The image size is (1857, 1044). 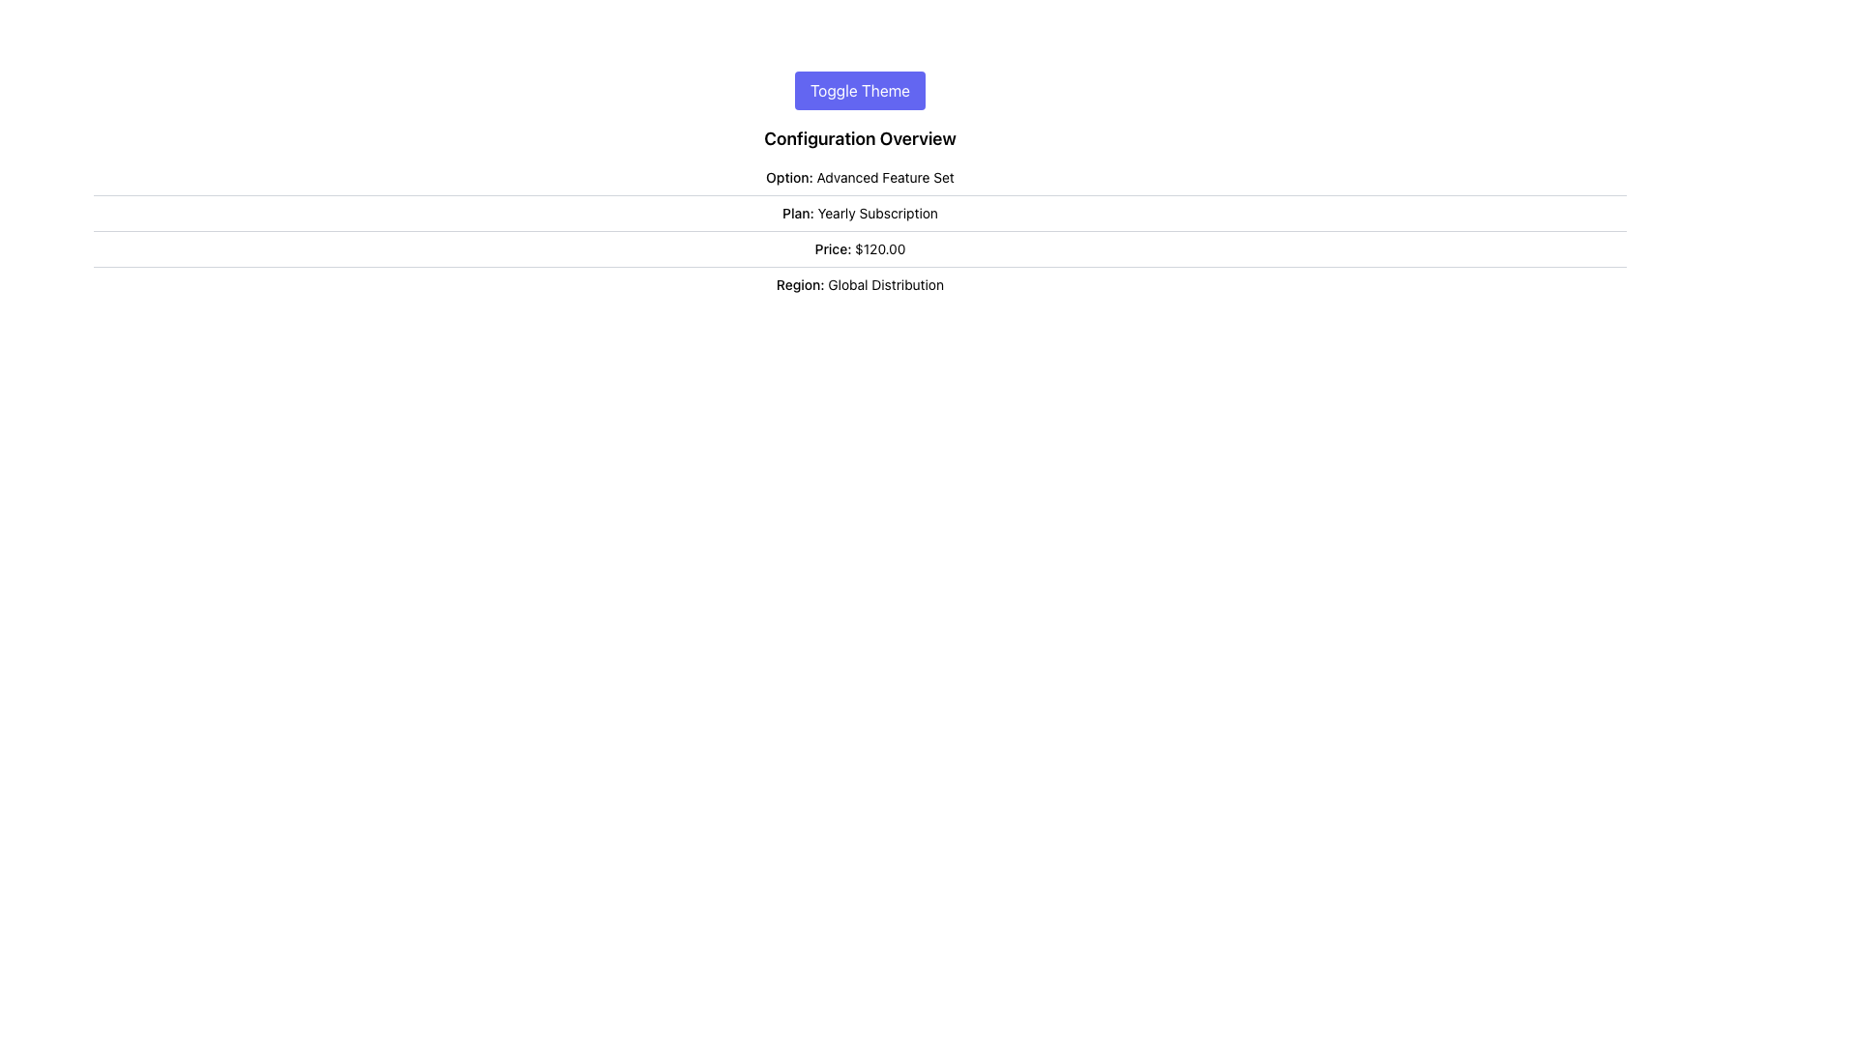 What do you see at coordinates (859, 90) in the screenshot?
I see `the 'Toggle Theme' button, which is a rectangular button with a blue-indigo background and white text, located above the 'Configuration Overview' section` at bounding box center [859, 90].